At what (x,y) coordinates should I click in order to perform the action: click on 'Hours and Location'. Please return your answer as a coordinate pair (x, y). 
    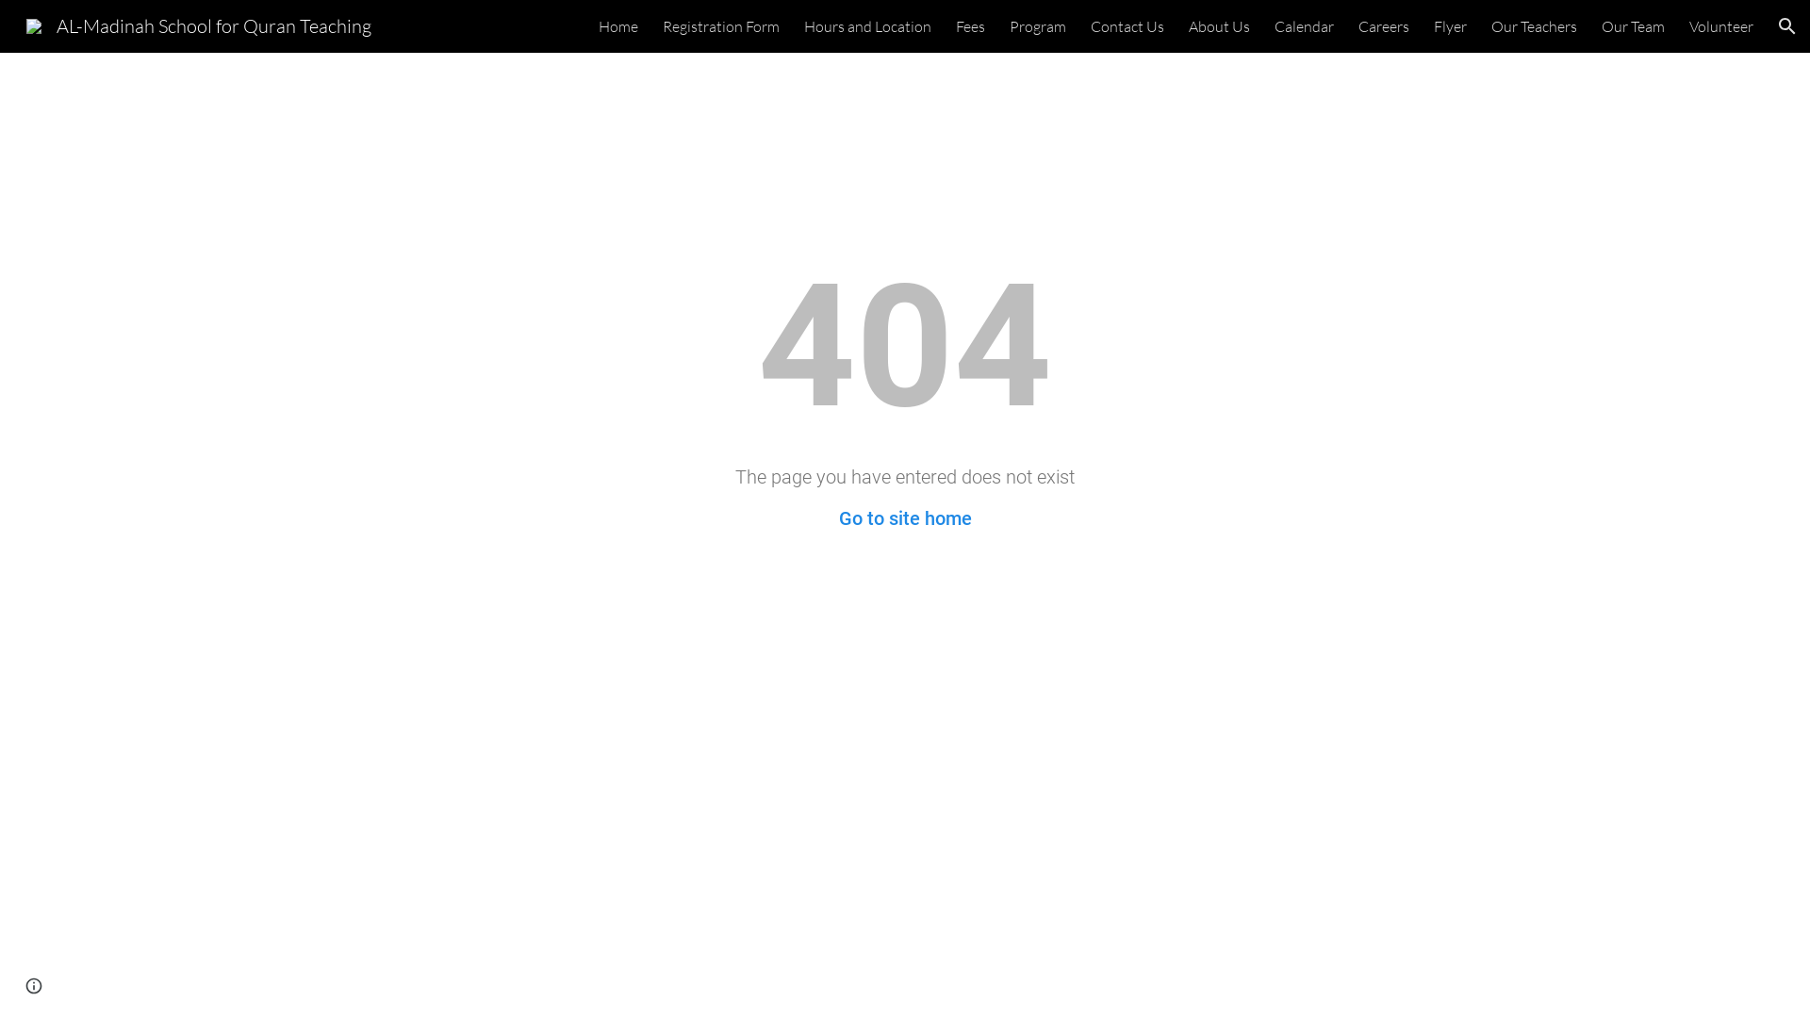
    Looking at the image, I should click on (804, 25).